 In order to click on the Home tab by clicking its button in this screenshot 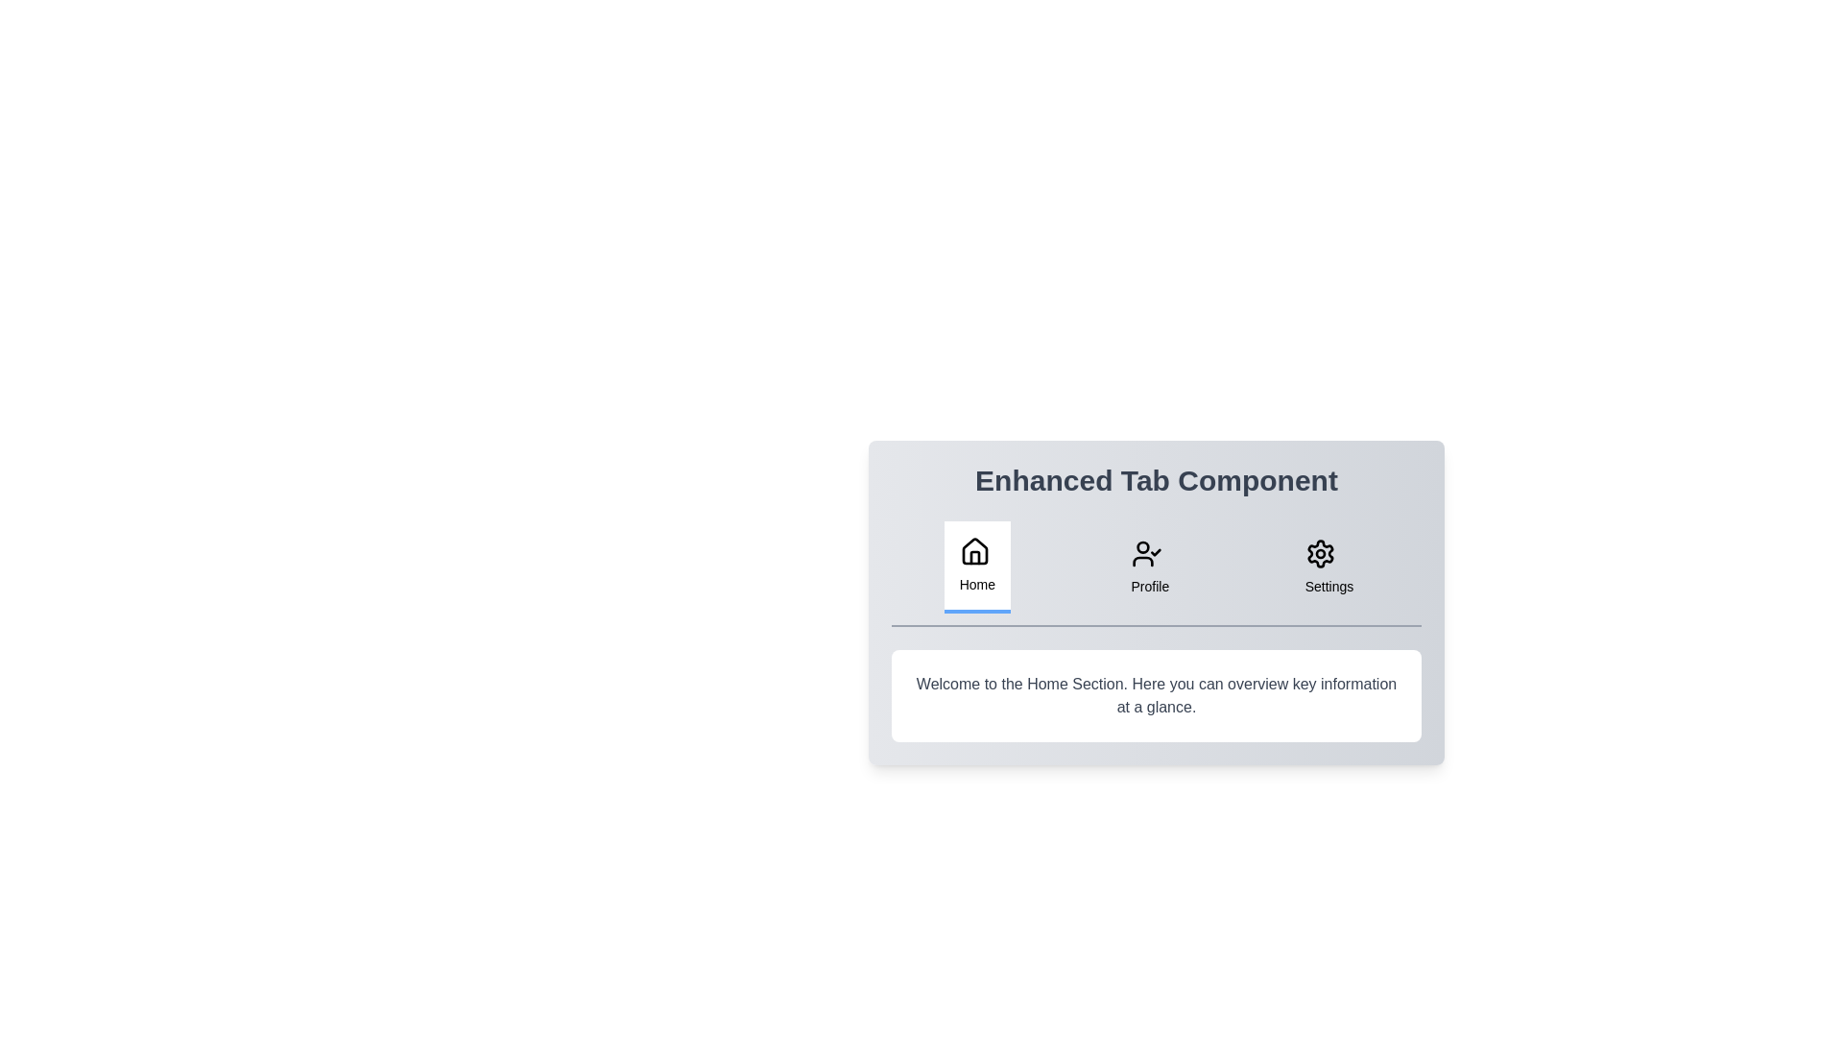, I will do `click(977, 566)`.